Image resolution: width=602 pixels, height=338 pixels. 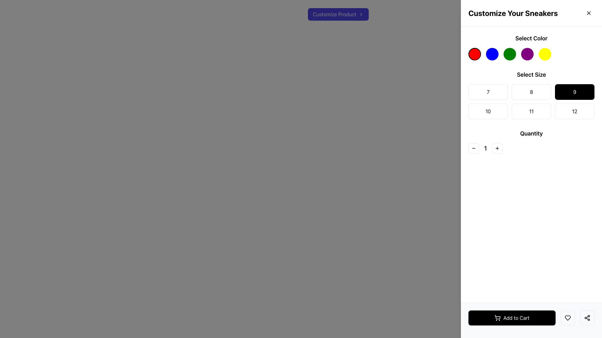 What do you see at coordinates (474, 148) in the screenshot?
I see `the first button in the quantity selection section to decrease the quantity displayed in the adjacent input field` at bounding box center [474, 148].